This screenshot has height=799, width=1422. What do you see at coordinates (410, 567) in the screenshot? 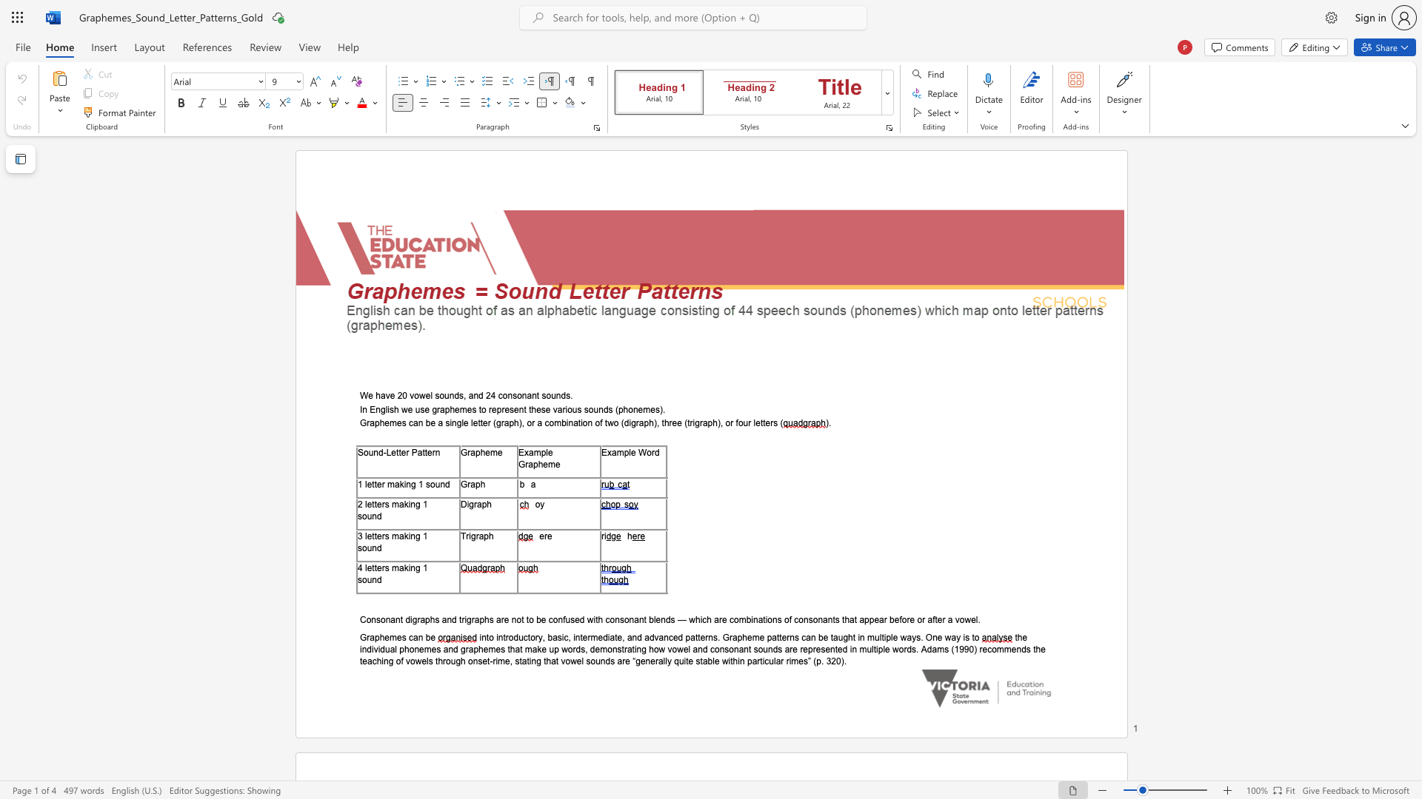
I see `the subset text "ng" within the text "4 letters making 1 sound"` at bounding box center [410, 567].